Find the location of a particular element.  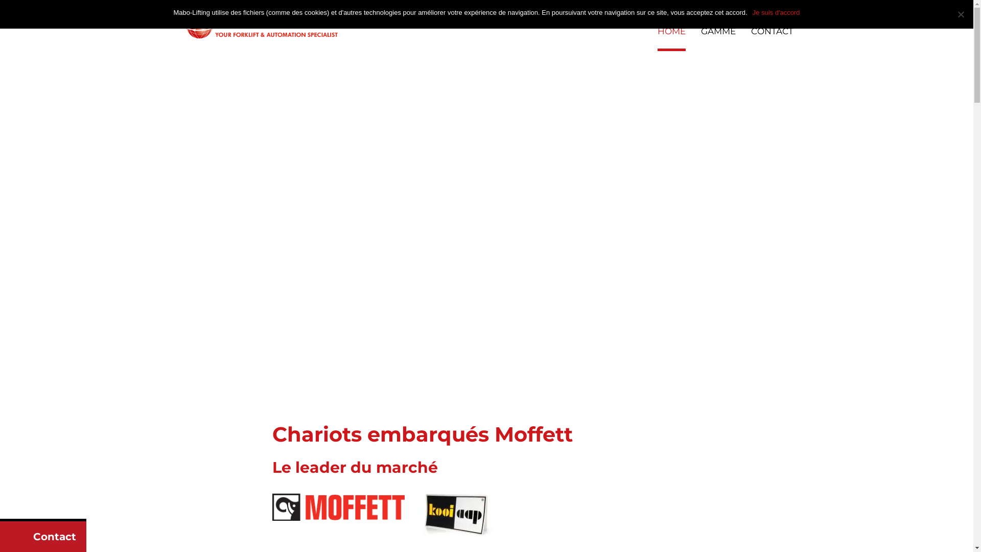

'HOME' is located at coordinates (671, 38).